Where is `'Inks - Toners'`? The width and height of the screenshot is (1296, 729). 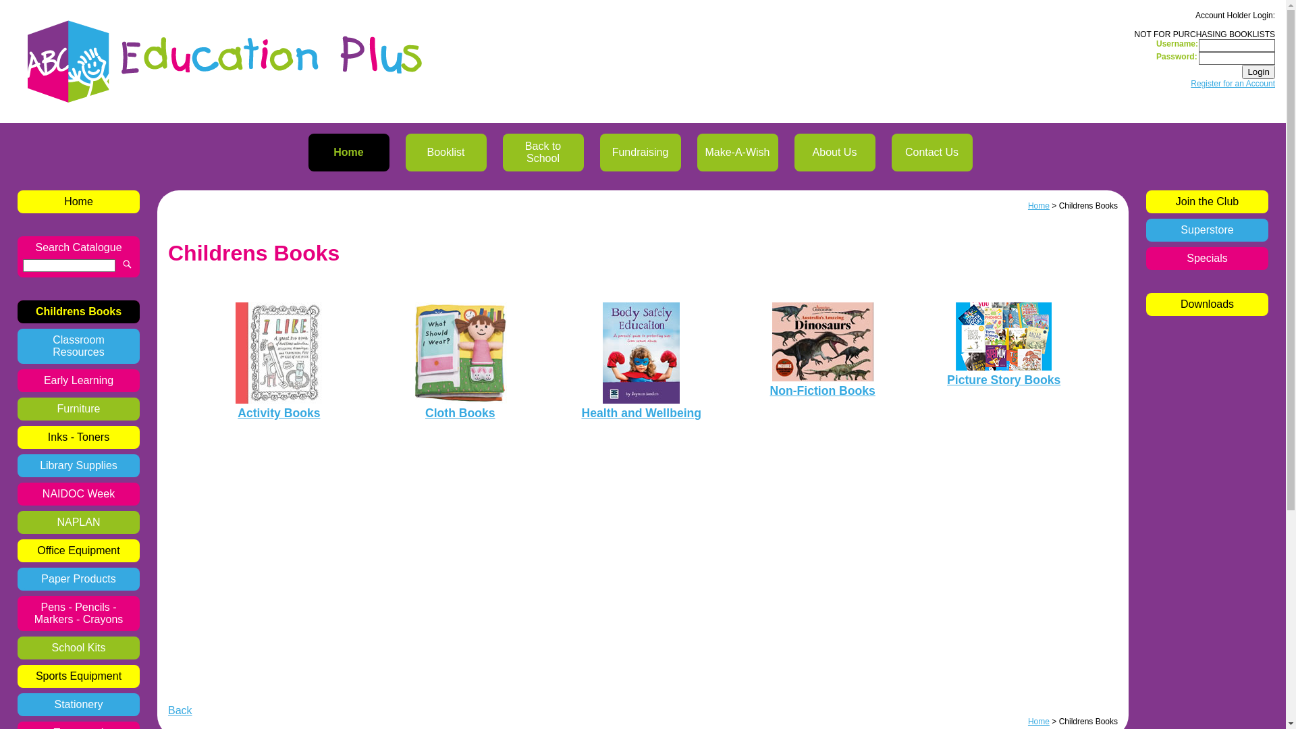 'Inks - Toners' is located at coordinates (78, 437).